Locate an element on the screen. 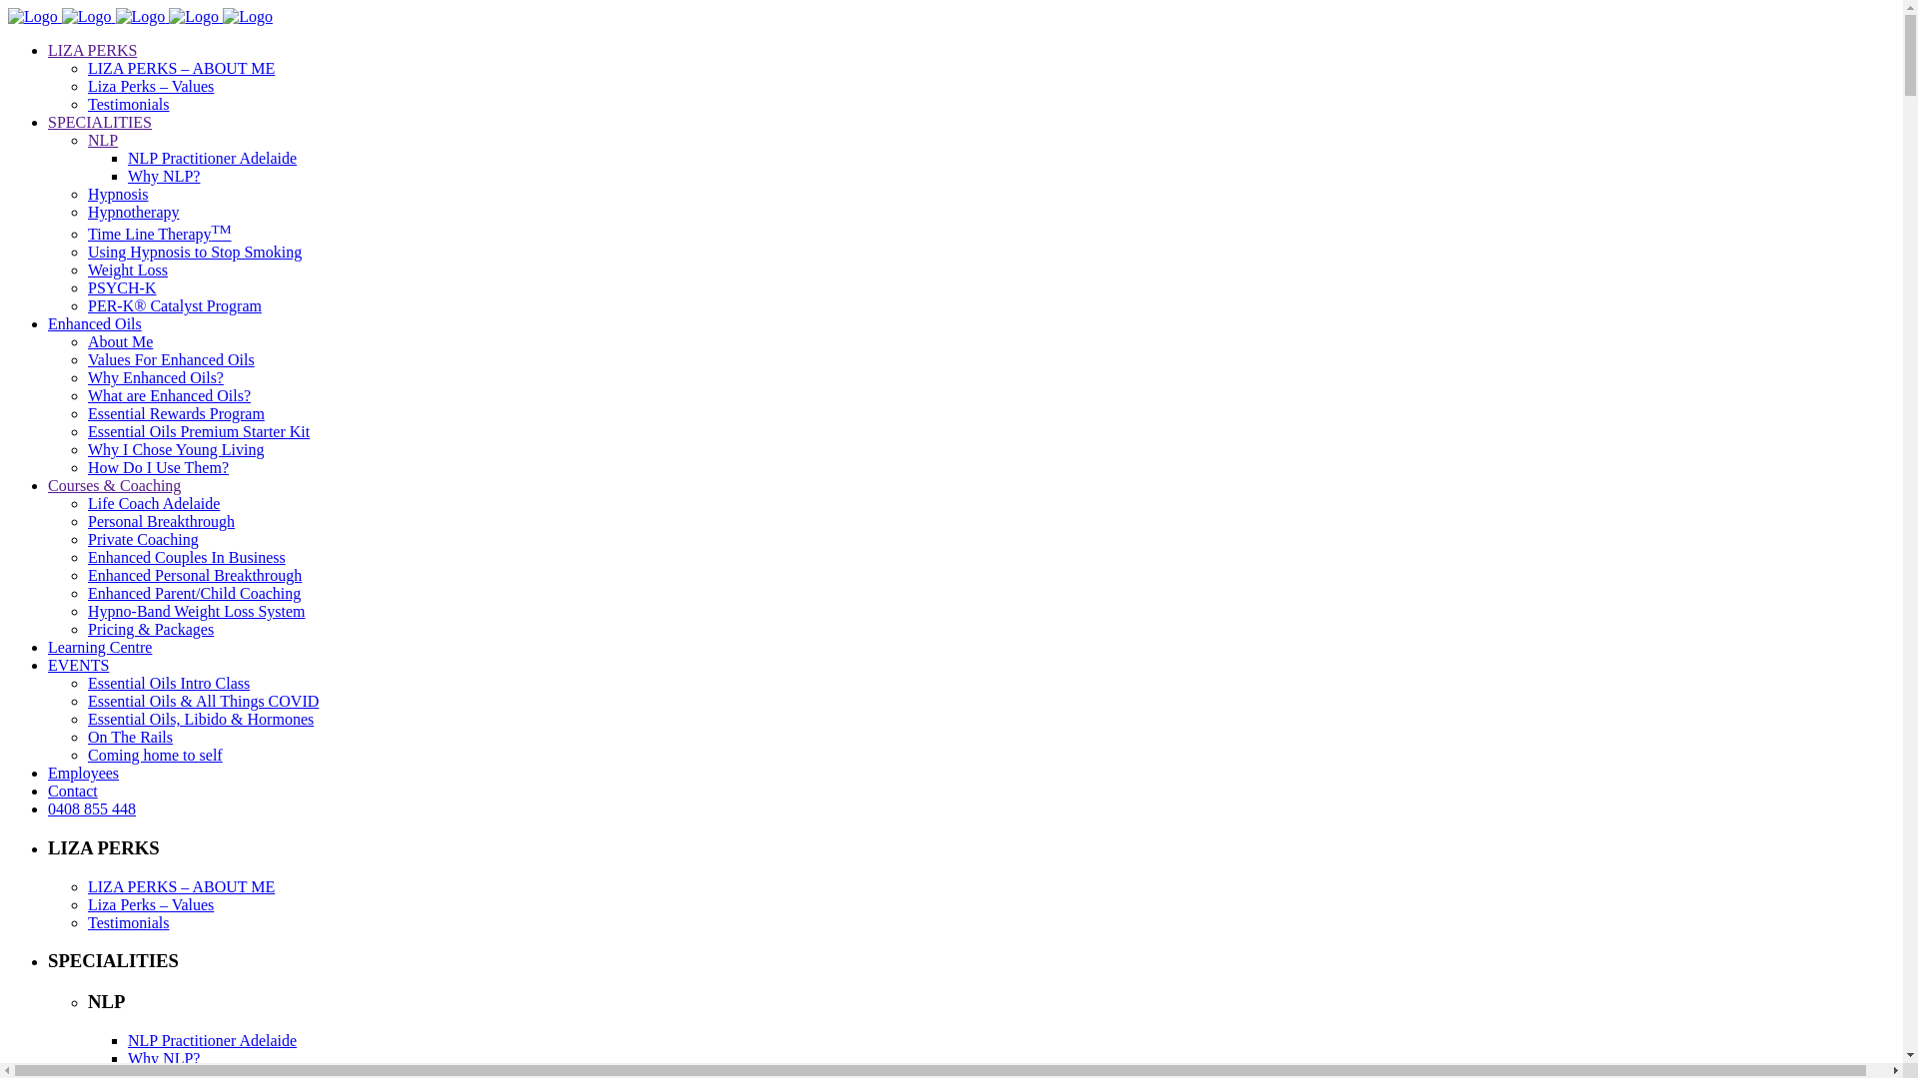 The height and width of the screenshot is (1078, 1918). 'Essential Rewards Program' is located at coordinates (176, 412).